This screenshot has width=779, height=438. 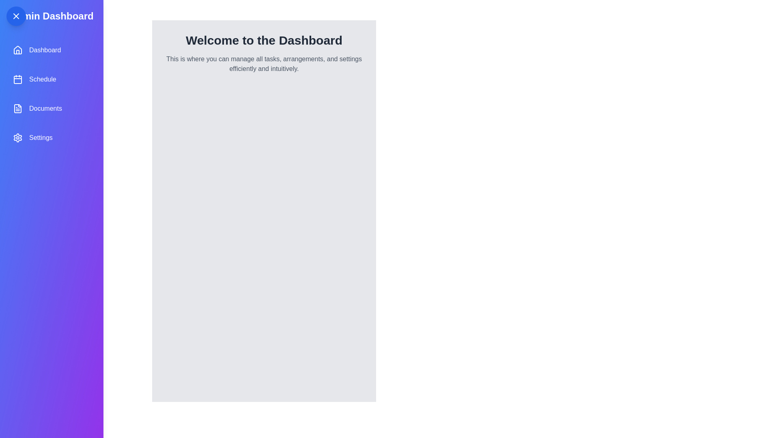 I want to click on the sidebar menu item labeled Documents, so click(x=51, y=108).